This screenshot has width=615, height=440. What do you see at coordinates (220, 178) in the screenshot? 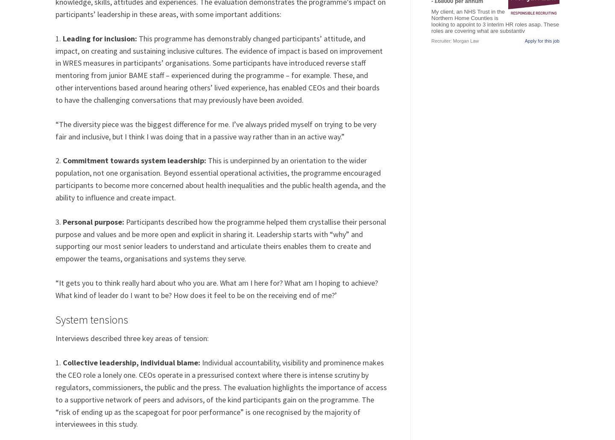
I see `'This is underpinned by an orientation to the wider population, not one organisation. Beyond essential operational activities, the programme encouraged participants to become more concerned about health inequalities and the public health agenda, and the ability to influence and create impact.'` at bounding box center [220, 178].